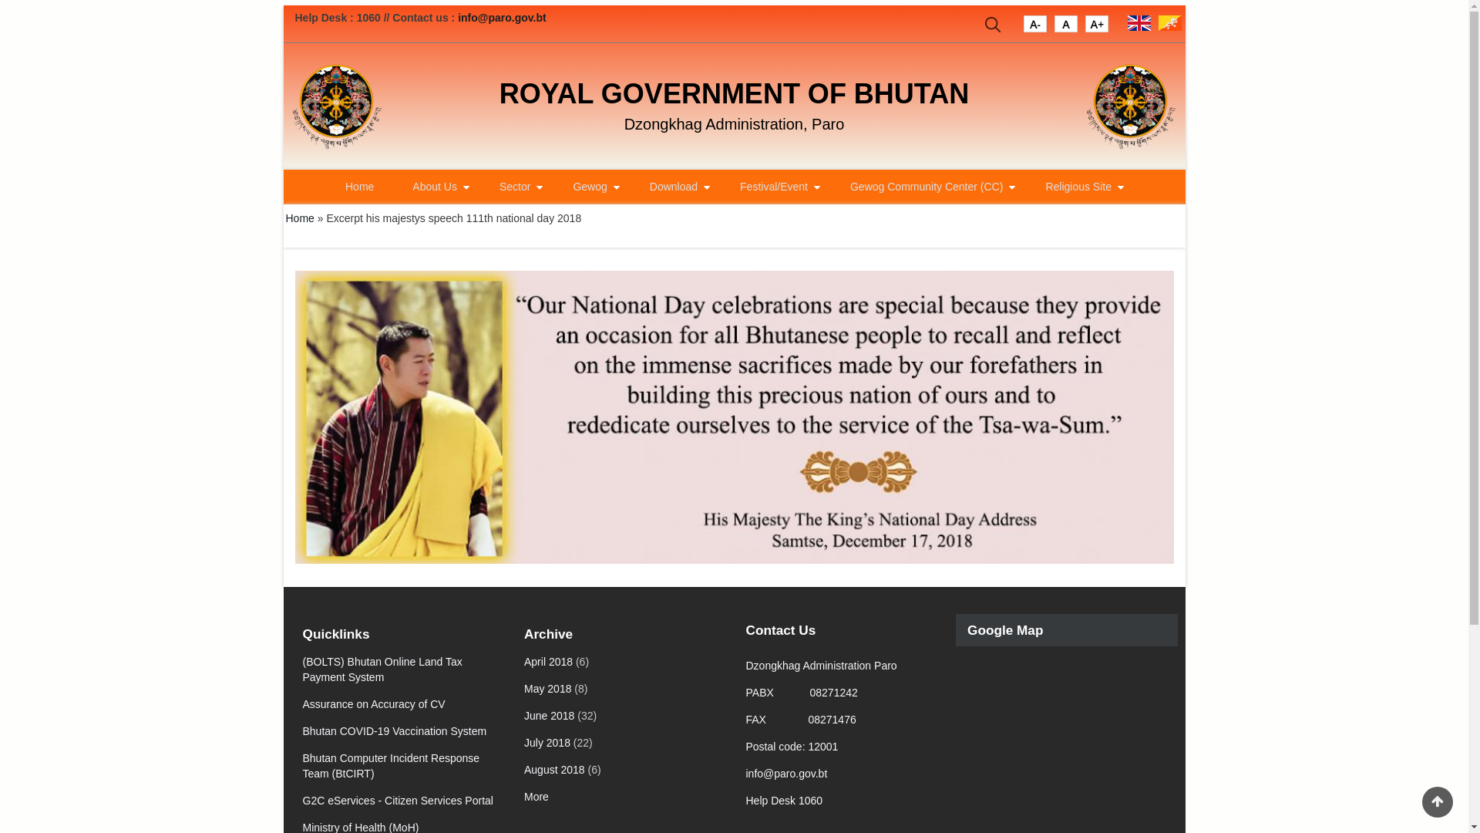 Image resolution: width=1480 pixels, height=833 pixels. What do you see at coordinates (547, 688) in the screenshot?
I see `'May 2018'` at bounding box center [547, 688].